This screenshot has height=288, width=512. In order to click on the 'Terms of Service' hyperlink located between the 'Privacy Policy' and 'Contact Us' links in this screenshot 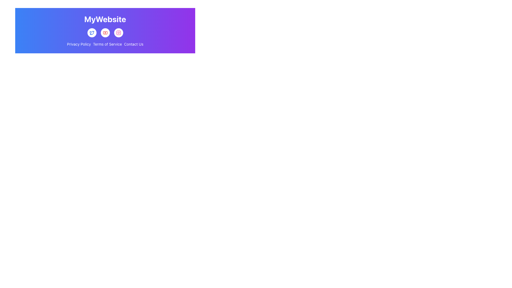, I will do `click(107, 44)`.